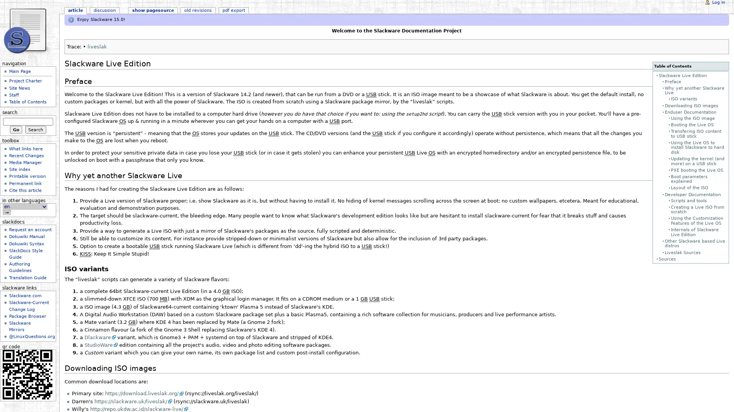  I want to click on Go, so click(16, 129).